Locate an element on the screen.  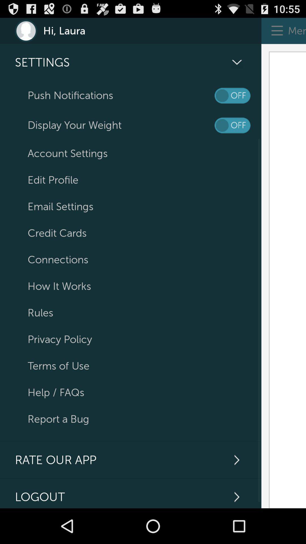
turn off notifications is located at coordinates (232, 95).